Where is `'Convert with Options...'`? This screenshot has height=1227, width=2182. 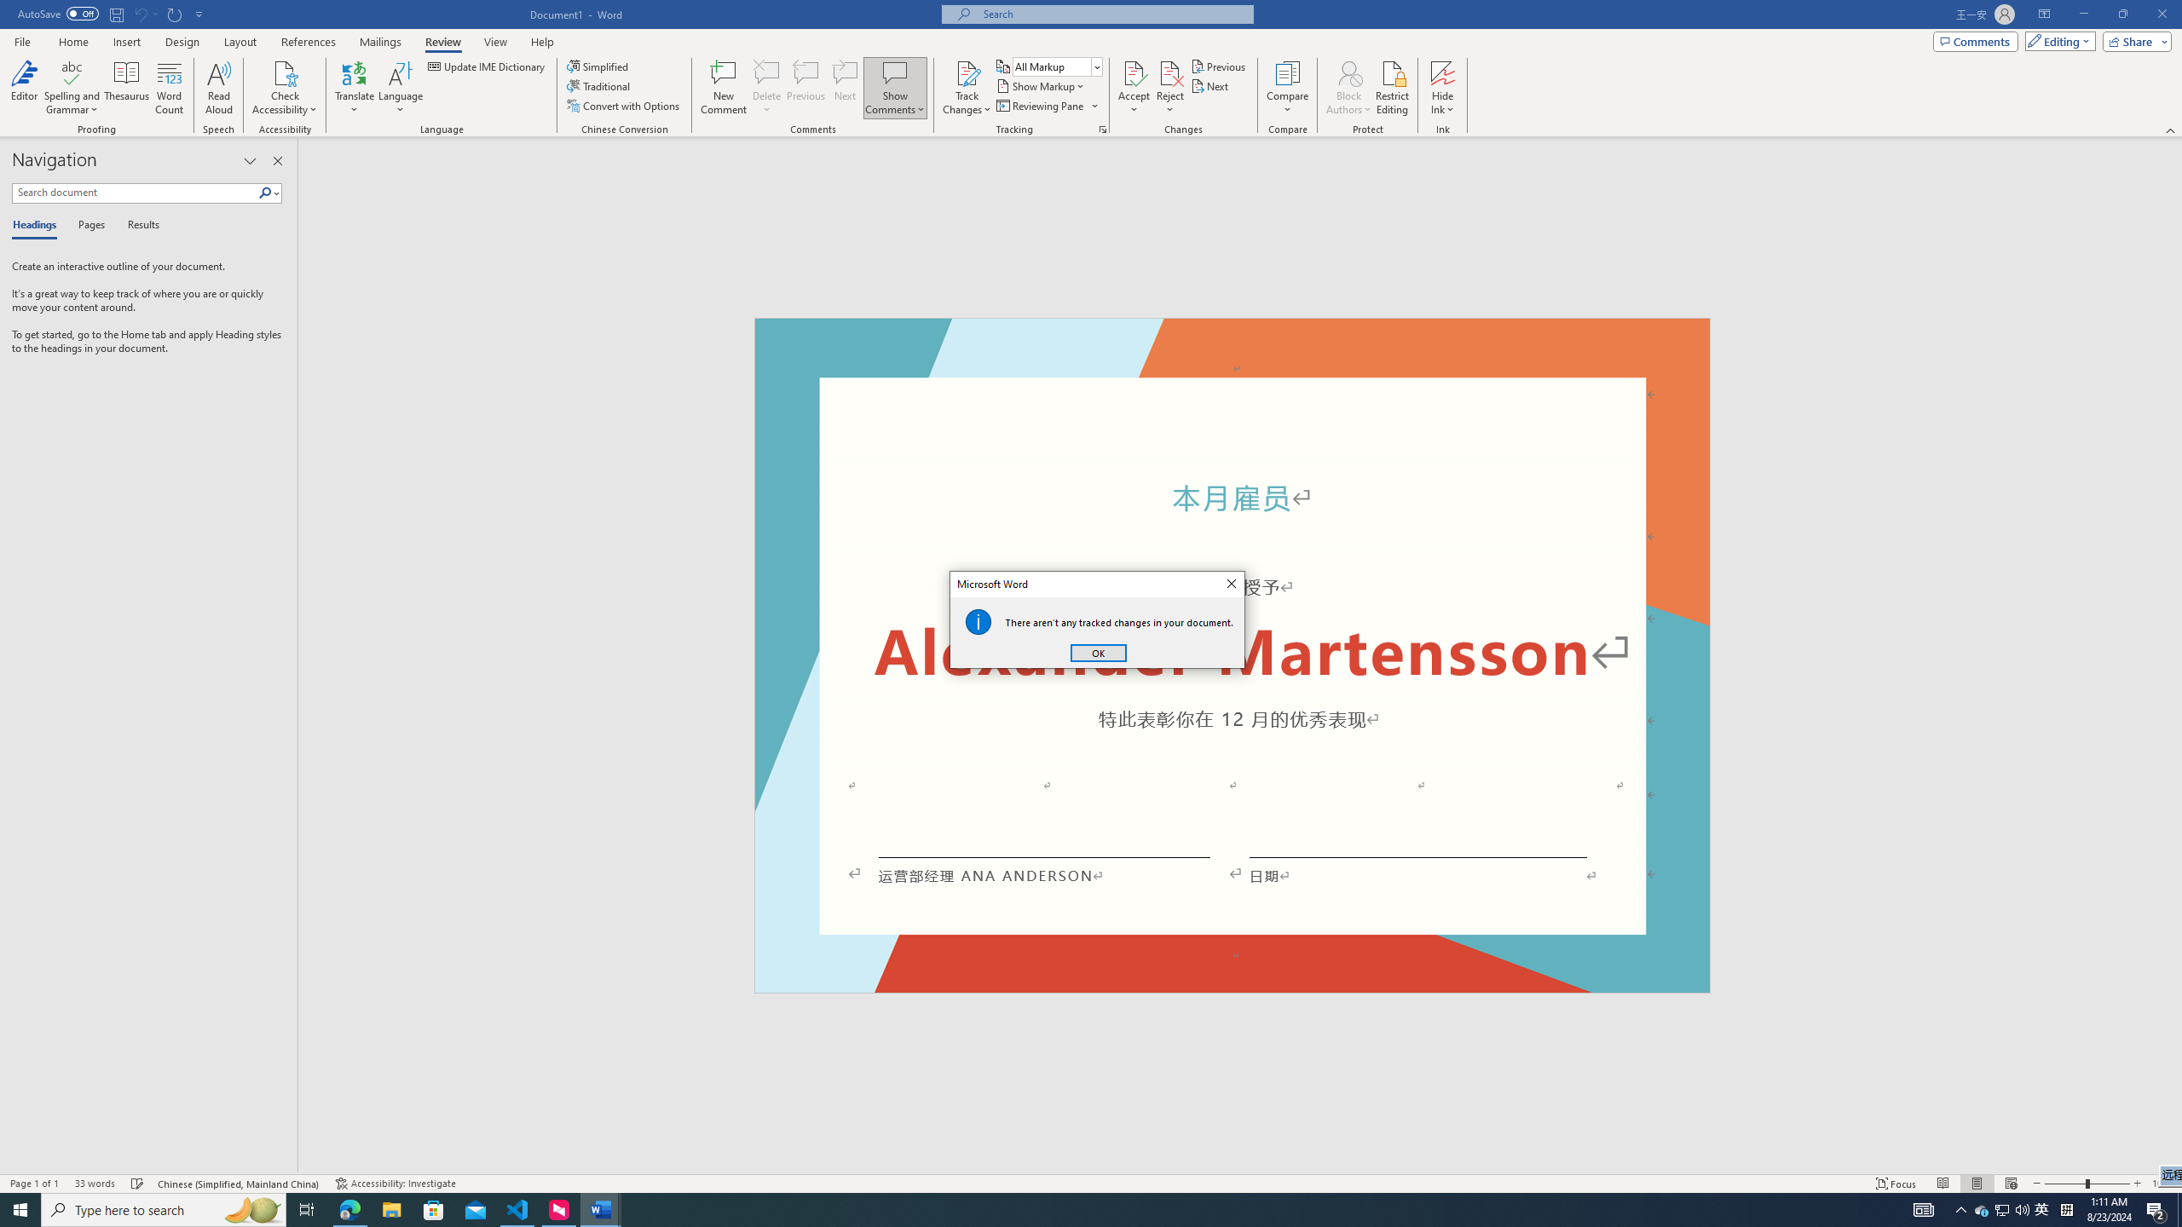 'Convert with Options...' is located at coordinates (625, 104).